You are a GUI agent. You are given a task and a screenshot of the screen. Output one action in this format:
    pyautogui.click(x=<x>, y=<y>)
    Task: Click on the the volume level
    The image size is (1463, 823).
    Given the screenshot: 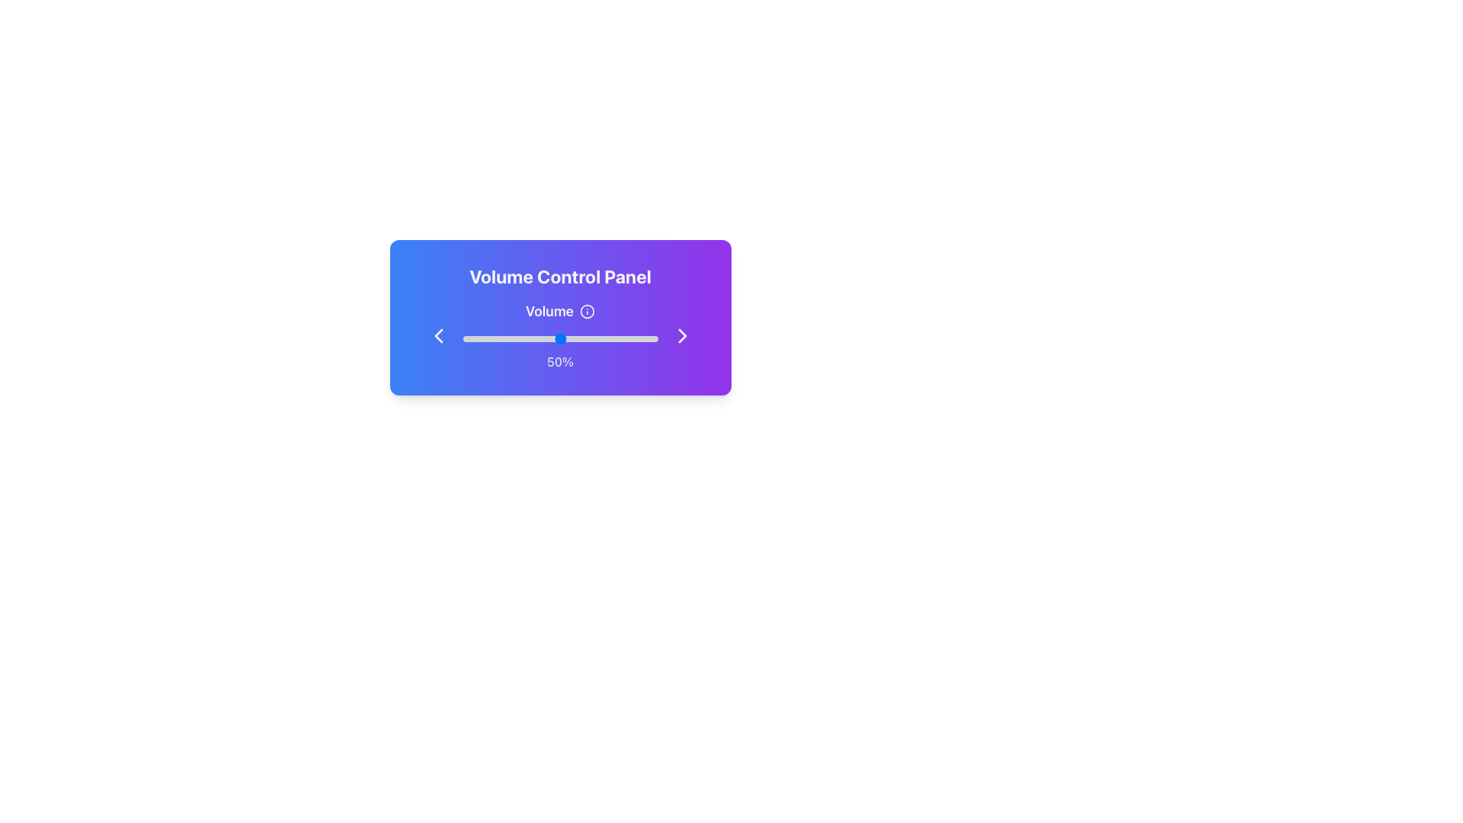 What is the action you would take?
    pyautogui.click(x=602, y=338)
    